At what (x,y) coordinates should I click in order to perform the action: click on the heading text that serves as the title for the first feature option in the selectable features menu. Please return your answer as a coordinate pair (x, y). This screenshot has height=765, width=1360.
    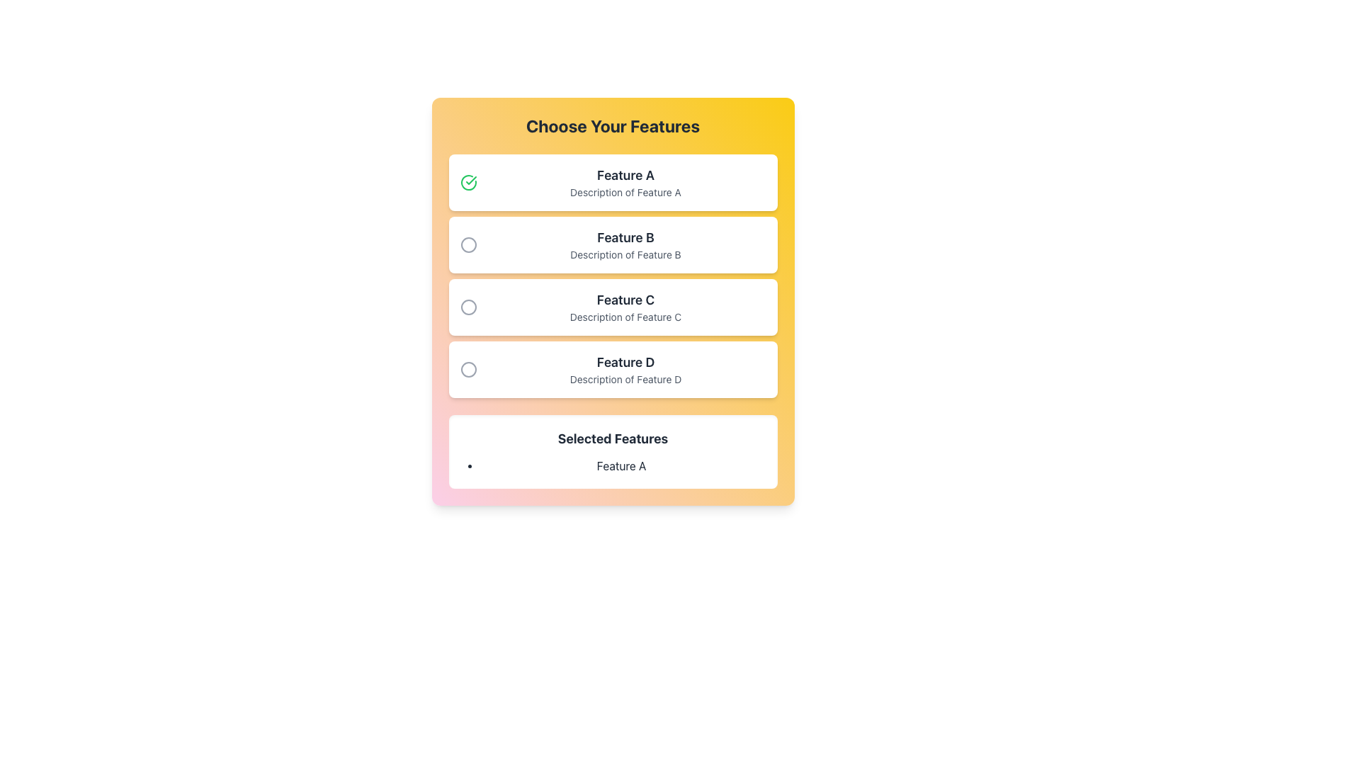
    Looking at the image, I should click on (625, 174).